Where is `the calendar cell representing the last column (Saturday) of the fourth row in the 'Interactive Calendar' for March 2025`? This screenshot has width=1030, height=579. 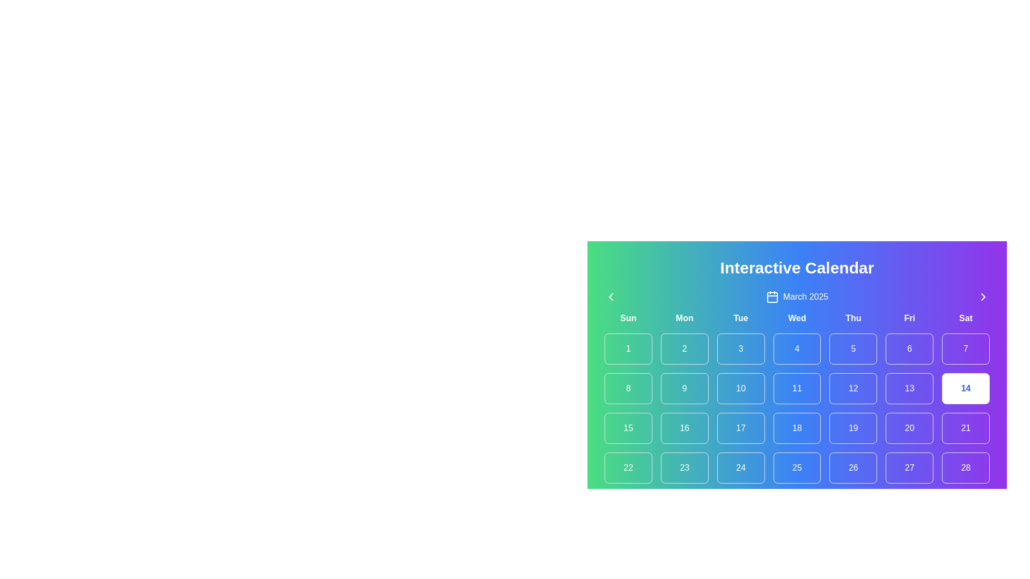
the calendar cell representing the last column (Saturday) of the fourth row in the 'Interactive Calendar' for March 2025 is located at coordinates (966, 467).